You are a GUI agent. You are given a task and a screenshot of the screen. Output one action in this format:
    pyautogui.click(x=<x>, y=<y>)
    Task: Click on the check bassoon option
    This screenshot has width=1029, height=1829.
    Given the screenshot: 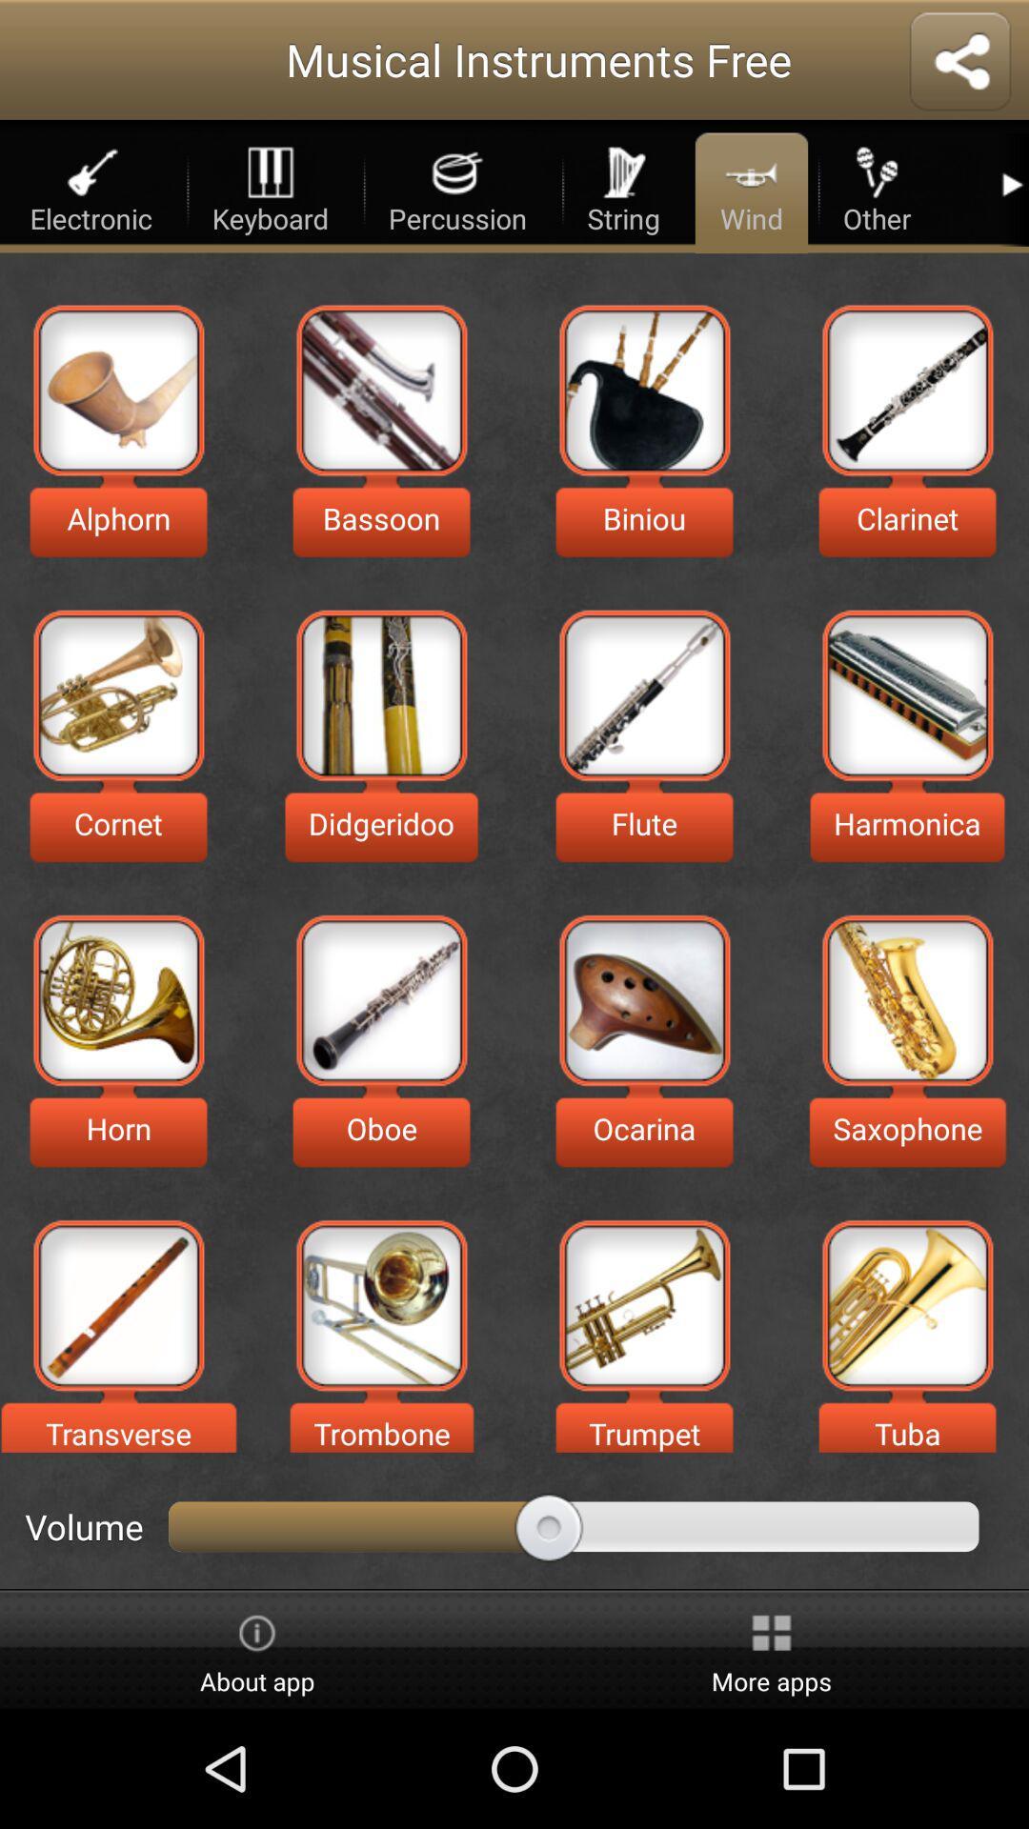 What is the action you would take?
    pyautogui.click(x=381, y=389)
    